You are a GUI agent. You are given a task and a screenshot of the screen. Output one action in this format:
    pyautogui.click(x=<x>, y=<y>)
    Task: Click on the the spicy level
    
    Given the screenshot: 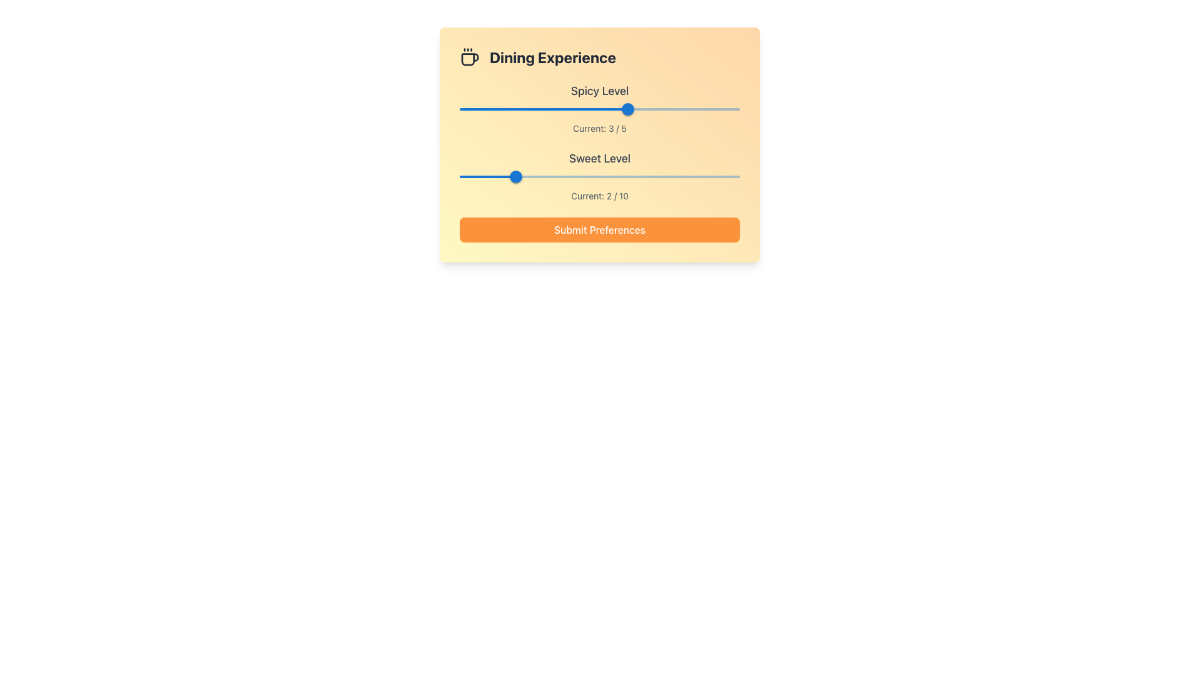 What is the action you would take?
    pyautogui.click(x=599, y=108)
    